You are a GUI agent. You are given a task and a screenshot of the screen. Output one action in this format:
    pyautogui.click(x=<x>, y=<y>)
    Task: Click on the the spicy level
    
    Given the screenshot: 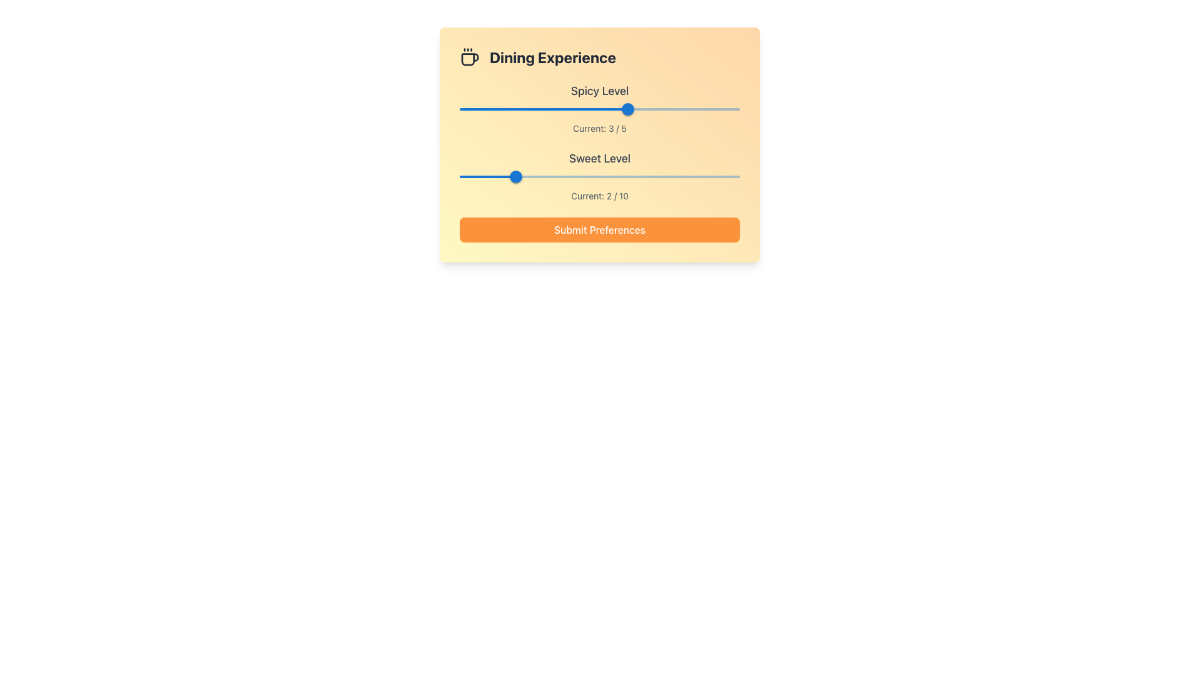 What is the action you would take?
    pyautogui.click(x=599, y=108)
    